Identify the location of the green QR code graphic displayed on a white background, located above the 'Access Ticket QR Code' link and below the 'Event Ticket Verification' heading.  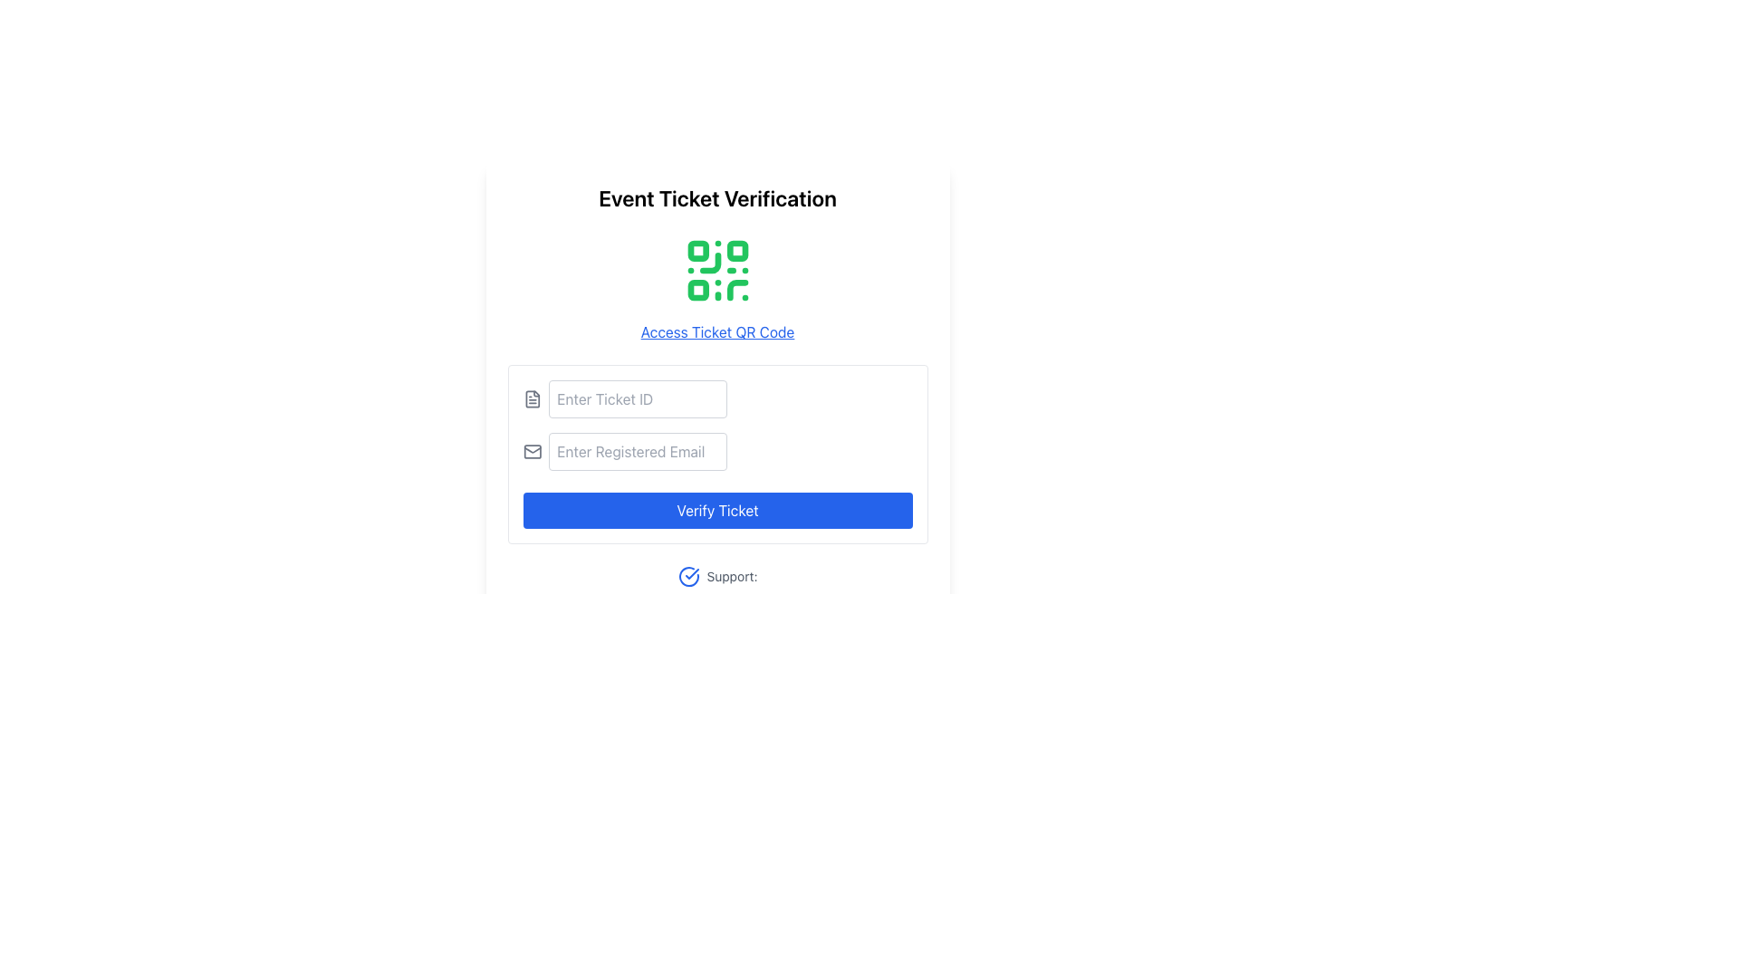
(716, 271).